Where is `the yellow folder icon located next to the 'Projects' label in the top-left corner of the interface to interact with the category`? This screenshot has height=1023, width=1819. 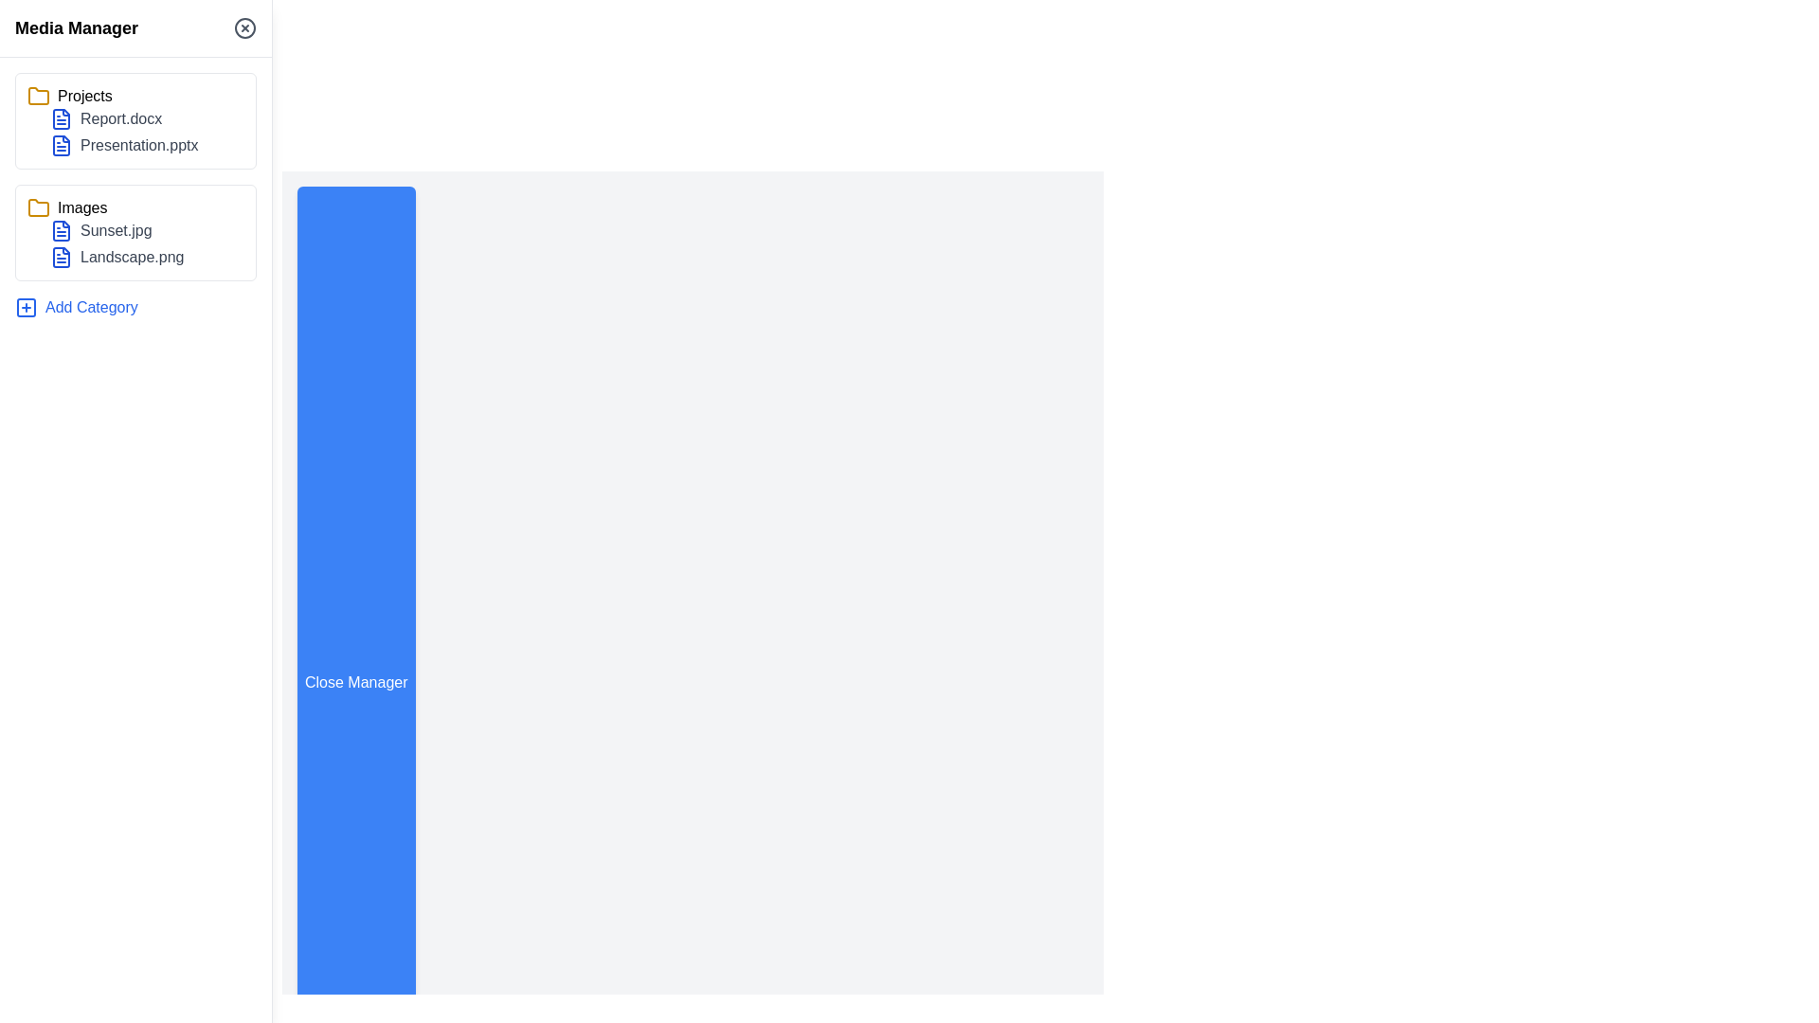
the yellow folder icon located next to the 'Projects' label in the top-left corner of the interface to interact with the category is located at coordinates (39, 96).